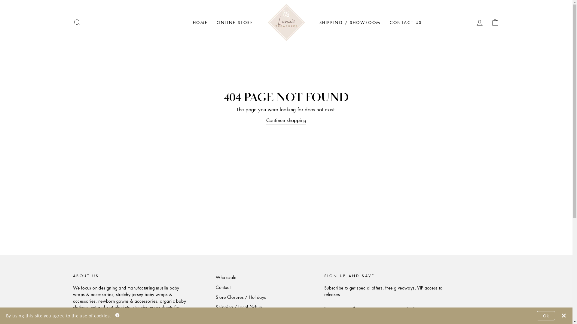  What do you see at coordinates (76, 22) in the screenshot?
I see `'SEARCH'` at bounding box center [76, 22].